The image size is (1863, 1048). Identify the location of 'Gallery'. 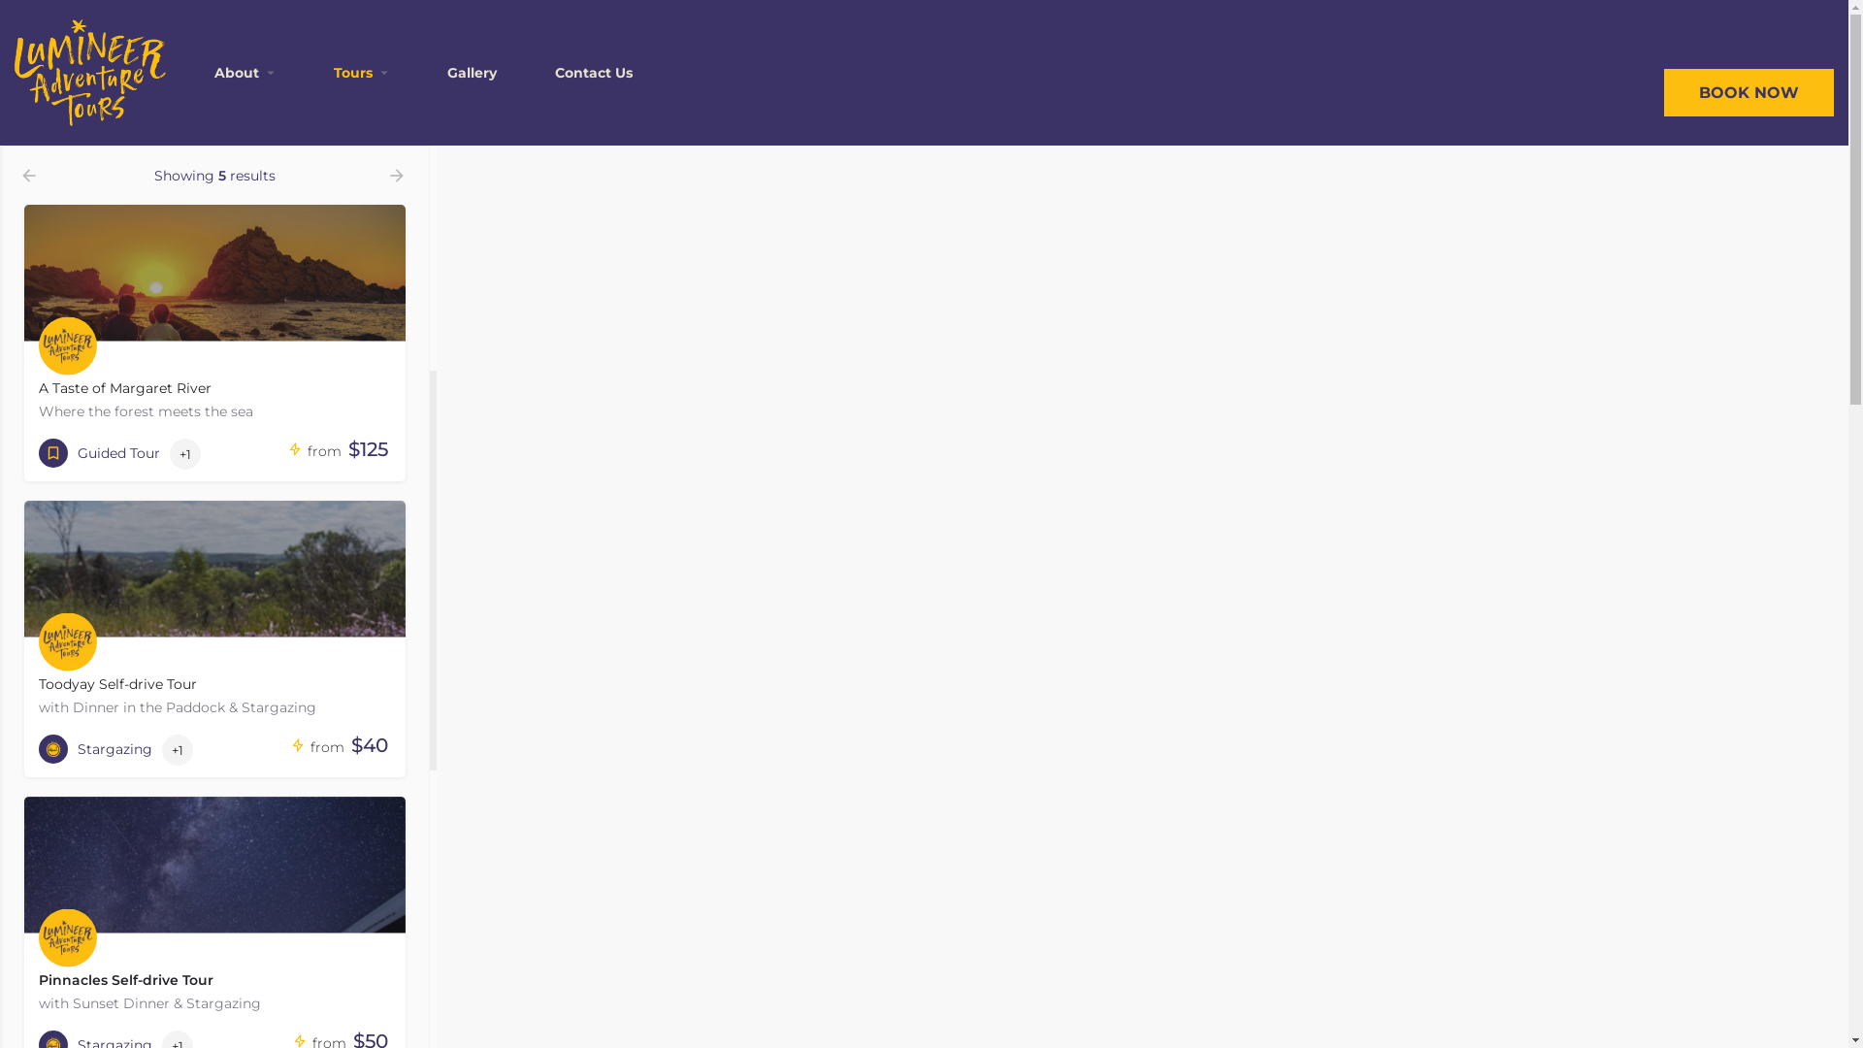
(472, 71).